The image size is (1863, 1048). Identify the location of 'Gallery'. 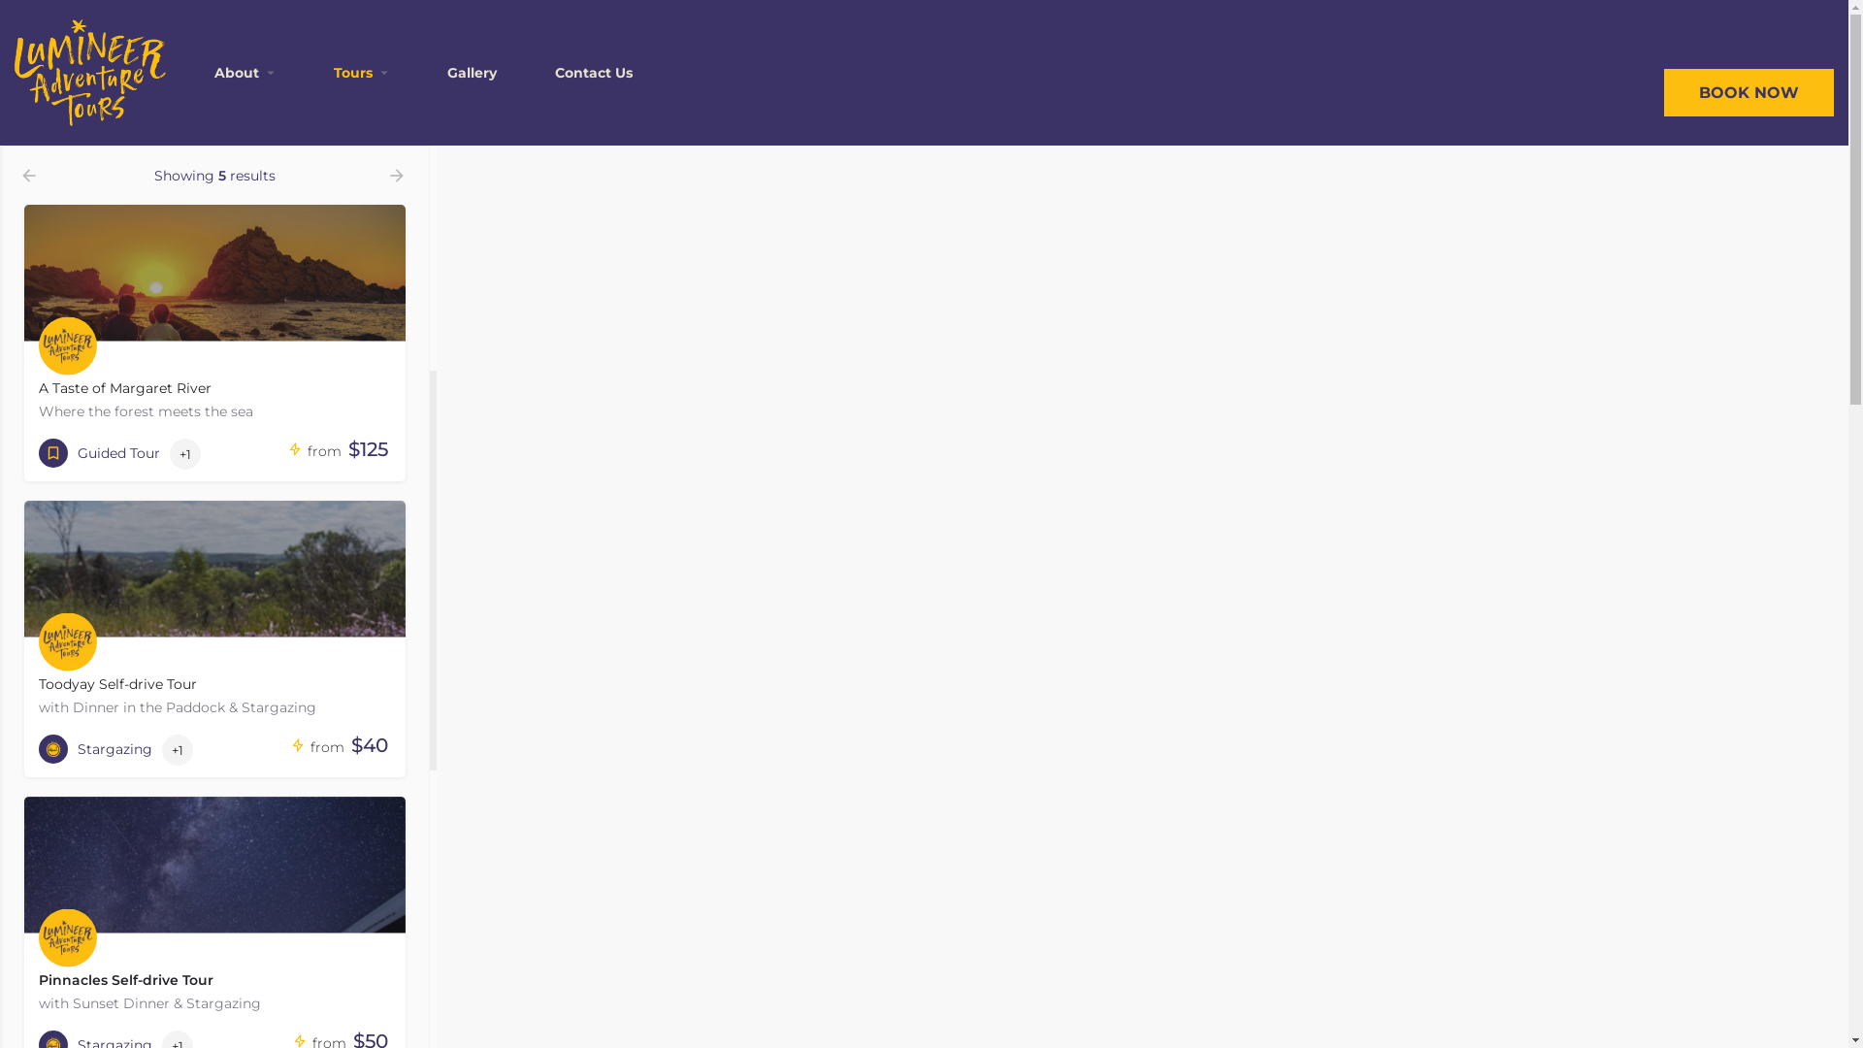
(472, 71).